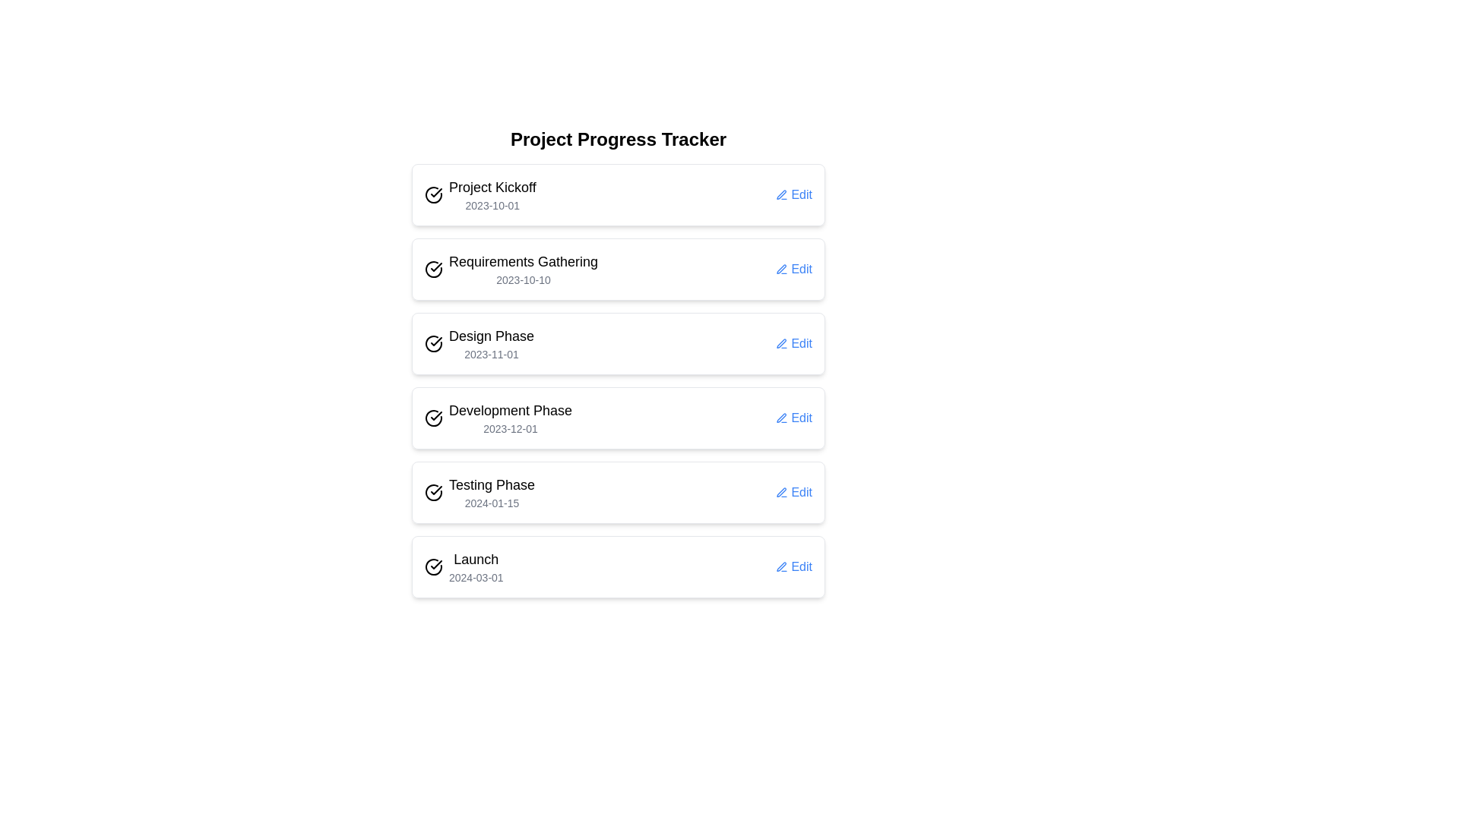 The height and width of the screenshot is (820, 1459). What do you see at coordinates (492, 492) in the screenshot?
I see `the text display element that shows the title 'Testing Phase' and the date '2024-01-15', located in the fourth row of the 'Project Progress Tracker' layout` at bounding box center [492, 492].